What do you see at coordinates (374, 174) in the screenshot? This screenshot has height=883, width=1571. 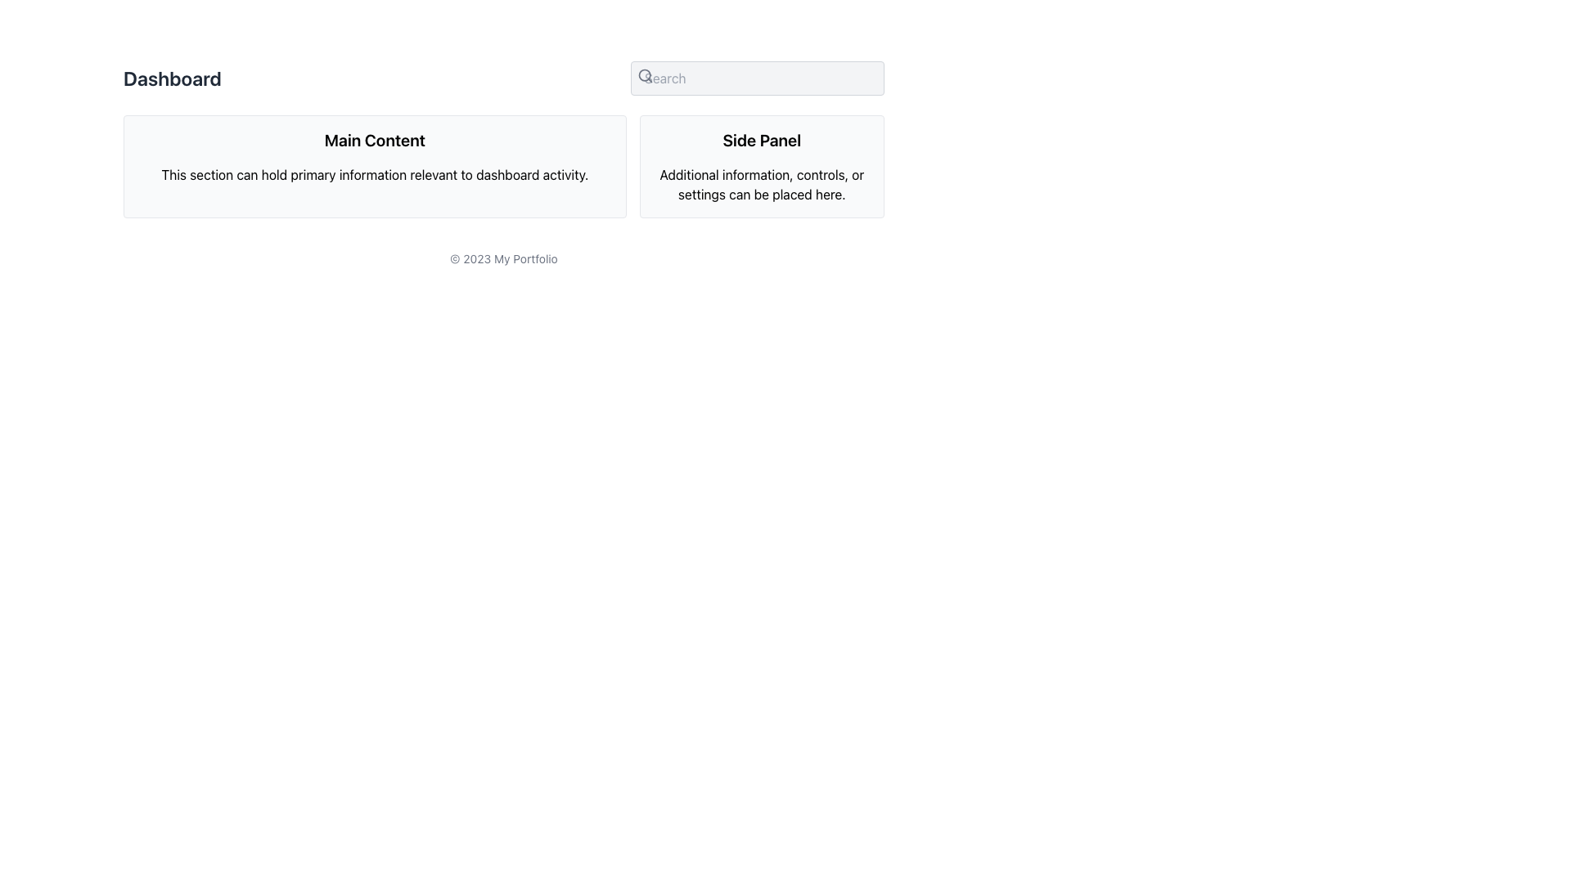 I see `the text block that contains the message 'This section can hold primary information relevant to dashboard activity.' positioned below the header 'Main Content.'` at bounding box center [374, 174].